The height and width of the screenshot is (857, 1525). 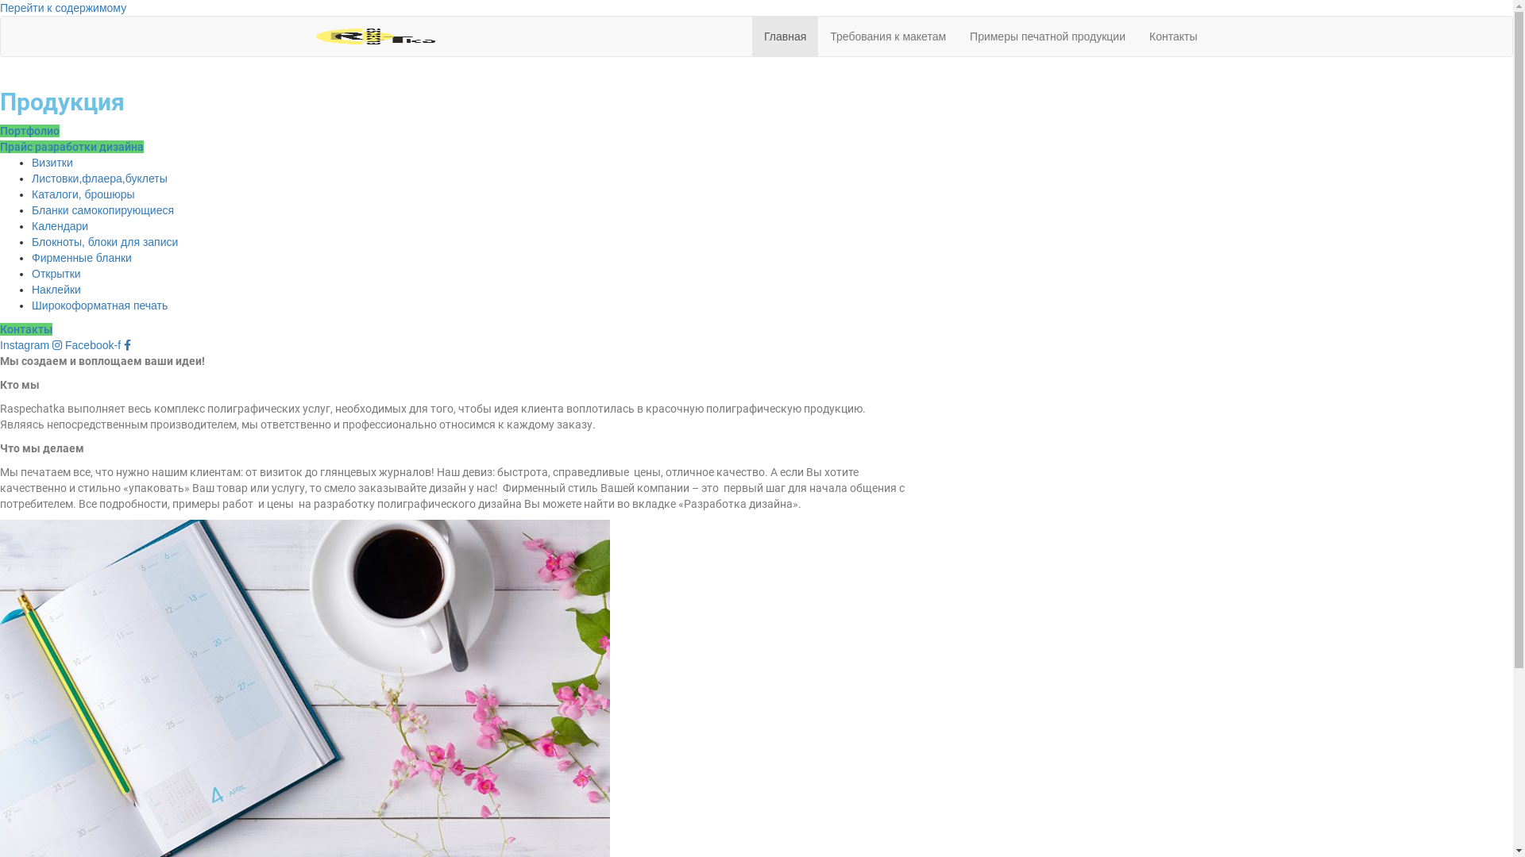 I want to click on 'Instagram', so click(x=33, y=344).